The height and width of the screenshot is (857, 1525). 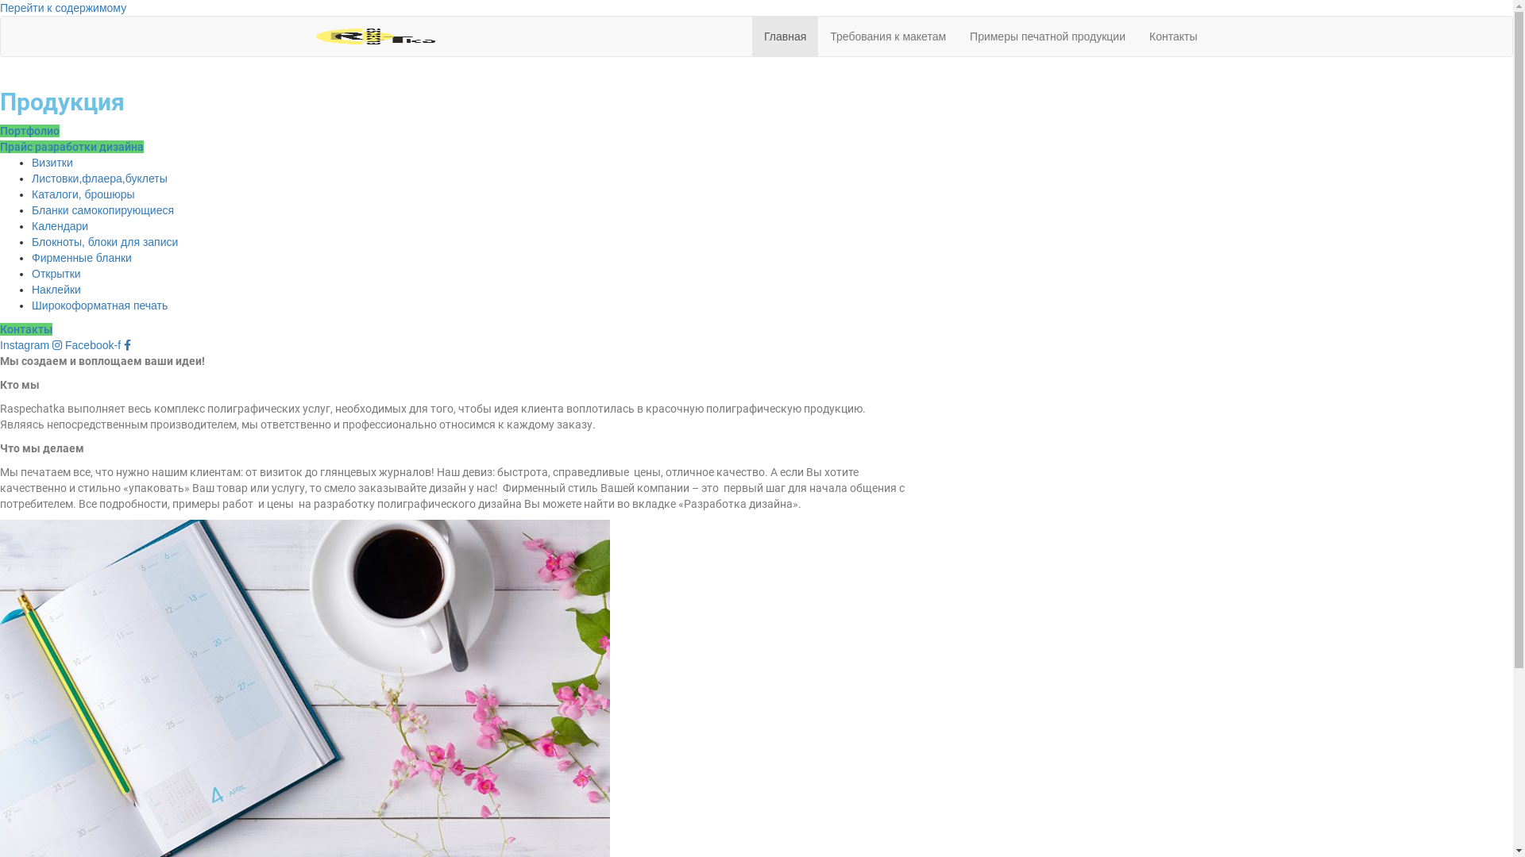 I want to click on 'Instagram', so click(x=33, y=344).